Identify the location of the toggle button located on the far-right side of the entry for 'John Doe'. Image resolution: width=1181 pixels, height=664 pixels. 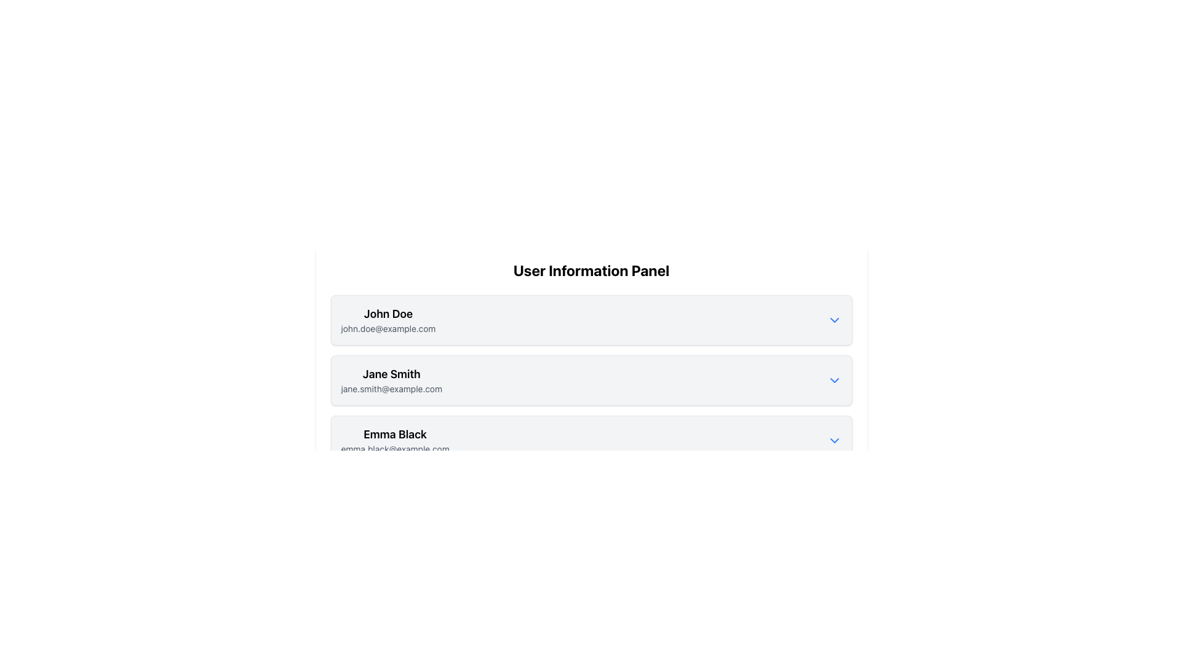
(834, 319).